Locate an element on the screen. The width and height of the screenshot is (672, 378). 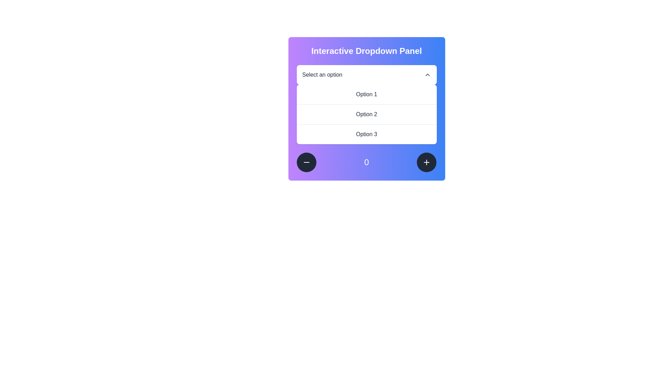
the Text Display element that shows the number '0' with a larger font size, positioned at the center of a gradient background panel, between a minus button and a plus button is located at coordinates (366, 162).